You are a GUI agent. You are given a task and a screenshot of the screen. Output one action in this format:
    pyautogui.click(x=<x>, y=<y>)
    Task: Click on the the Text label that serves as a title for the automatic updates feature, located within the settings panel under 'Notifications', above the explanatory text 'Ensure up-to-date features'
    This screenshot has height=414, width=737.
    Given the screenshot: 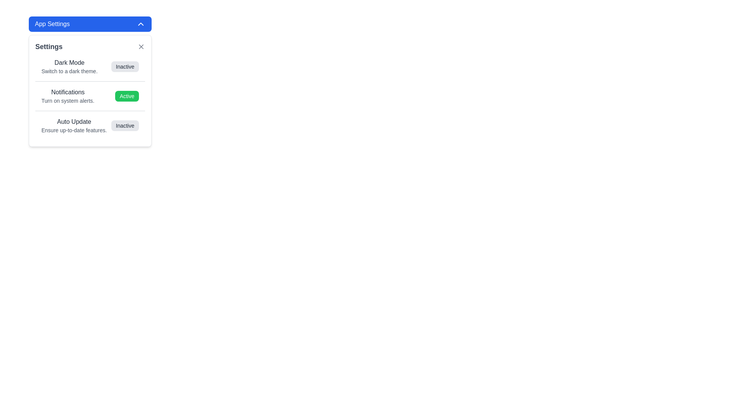 What is the action you would take?
    pyautogui.click(x=74, y=121)
    